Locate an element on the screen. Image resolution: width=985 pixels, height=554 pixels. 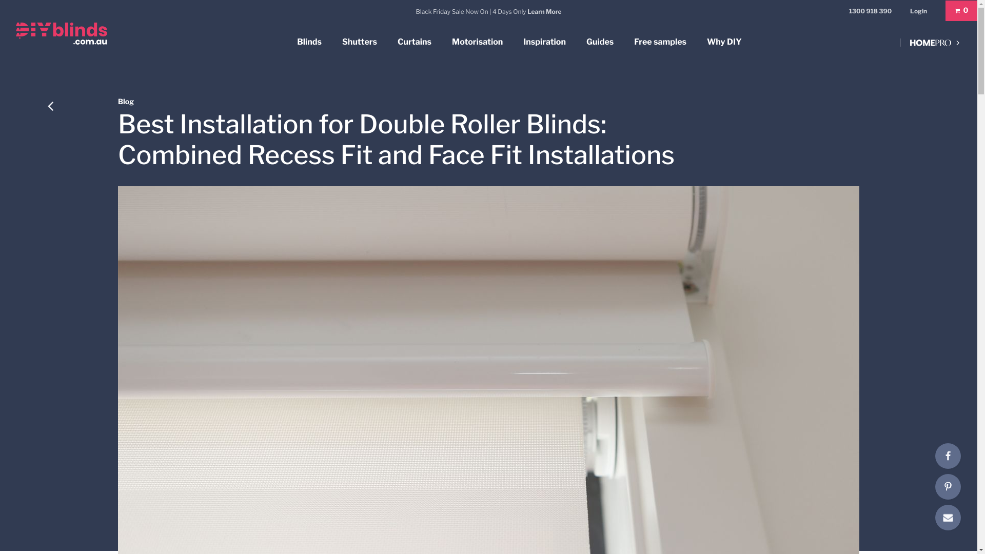
'0' is located at coordinates (960, 11).